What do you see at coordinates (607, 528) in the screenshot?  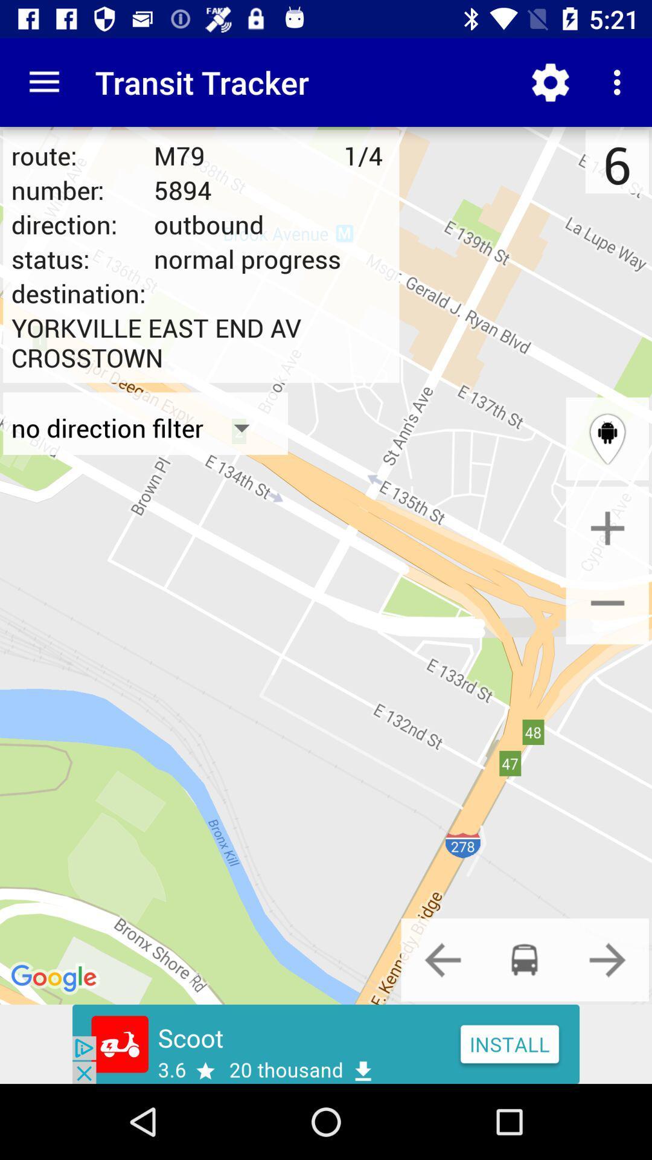 I see `the add icon` at bounding box center [607, 528].